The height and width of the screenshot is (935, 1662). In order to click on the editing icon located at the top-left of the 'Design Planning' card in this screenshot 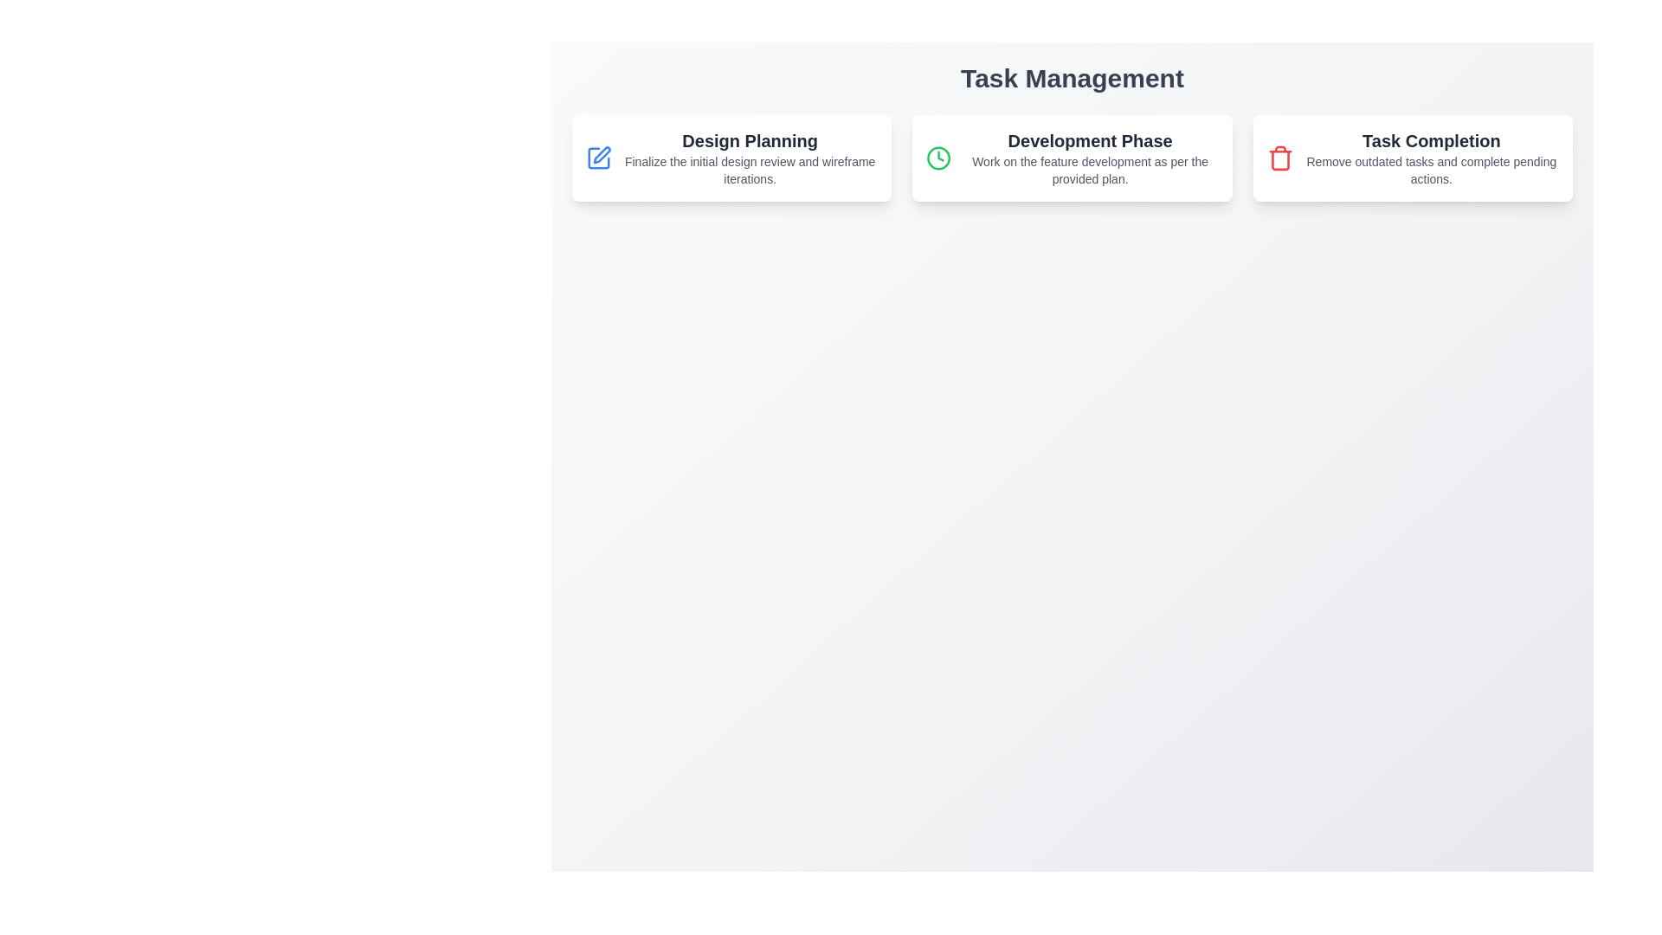, I will do `click(602, 154)`.